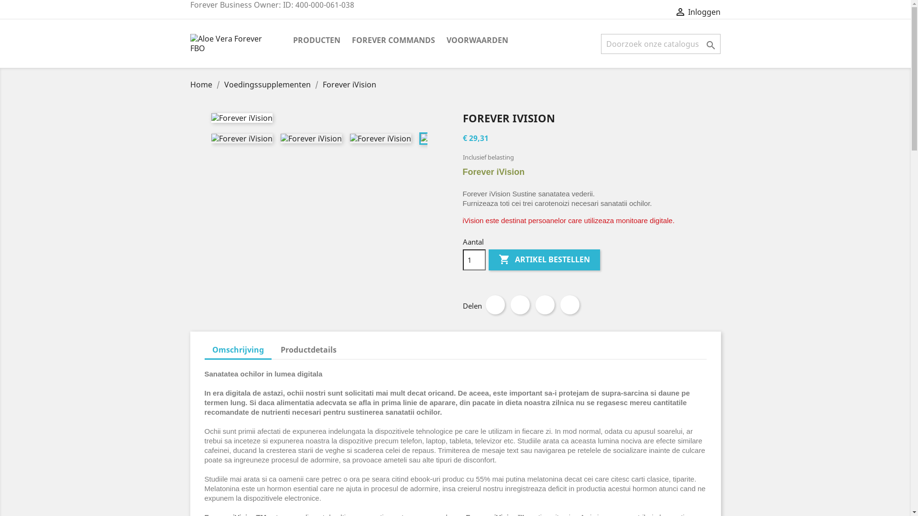 The image size is (918, 516). I want to click on 'Forever iVision', so click(380, 138).